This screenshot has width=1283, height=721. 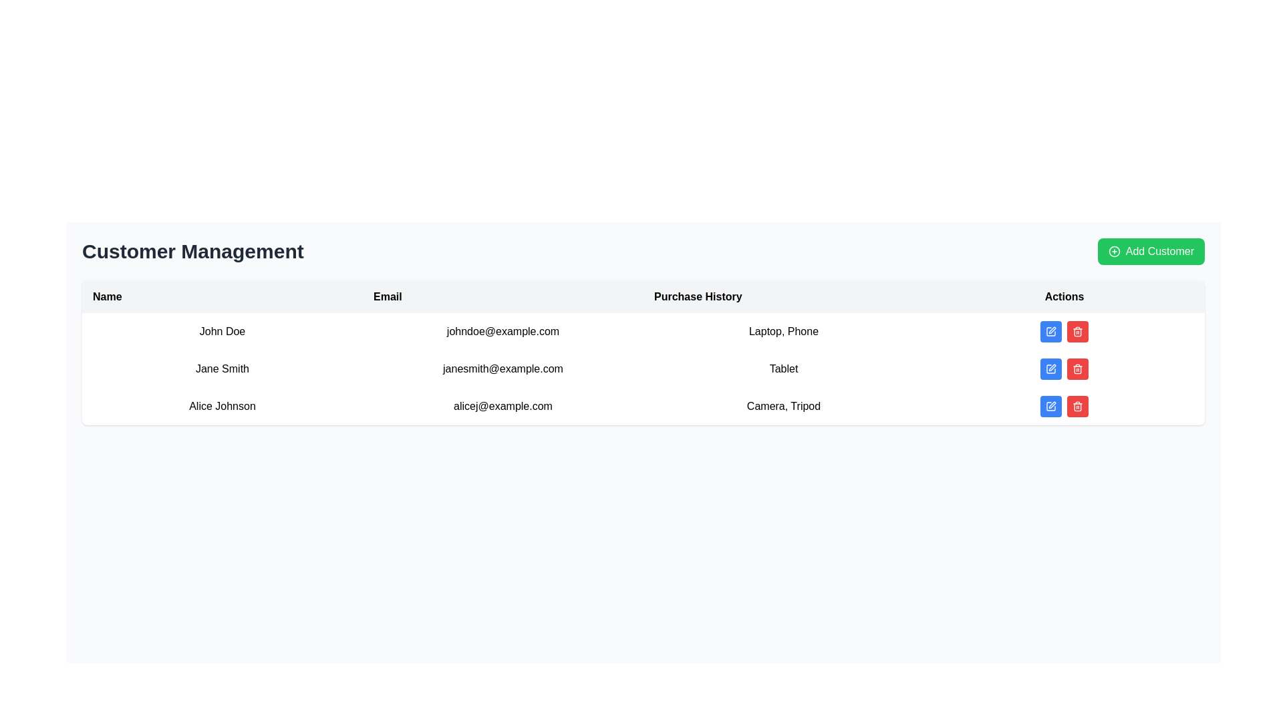 What do you see at coordinates (1077, 331) in the screenshot?
I see `the second button in the 'Actions' column of the second row in the customer management table` at bounding box center [1077, 331].